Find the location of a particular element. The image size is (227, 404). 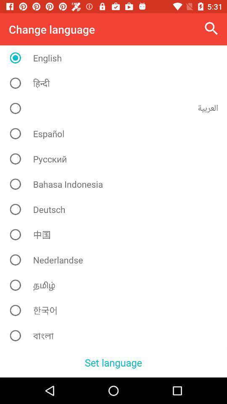

deutsch is located at coordinates (116, 209).